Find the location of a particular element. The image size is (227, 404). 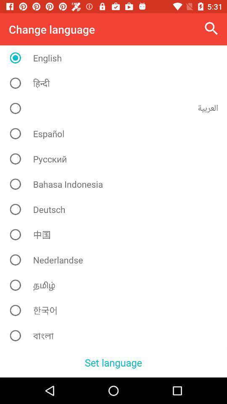

deutsch is located at coordinates (116, 209).